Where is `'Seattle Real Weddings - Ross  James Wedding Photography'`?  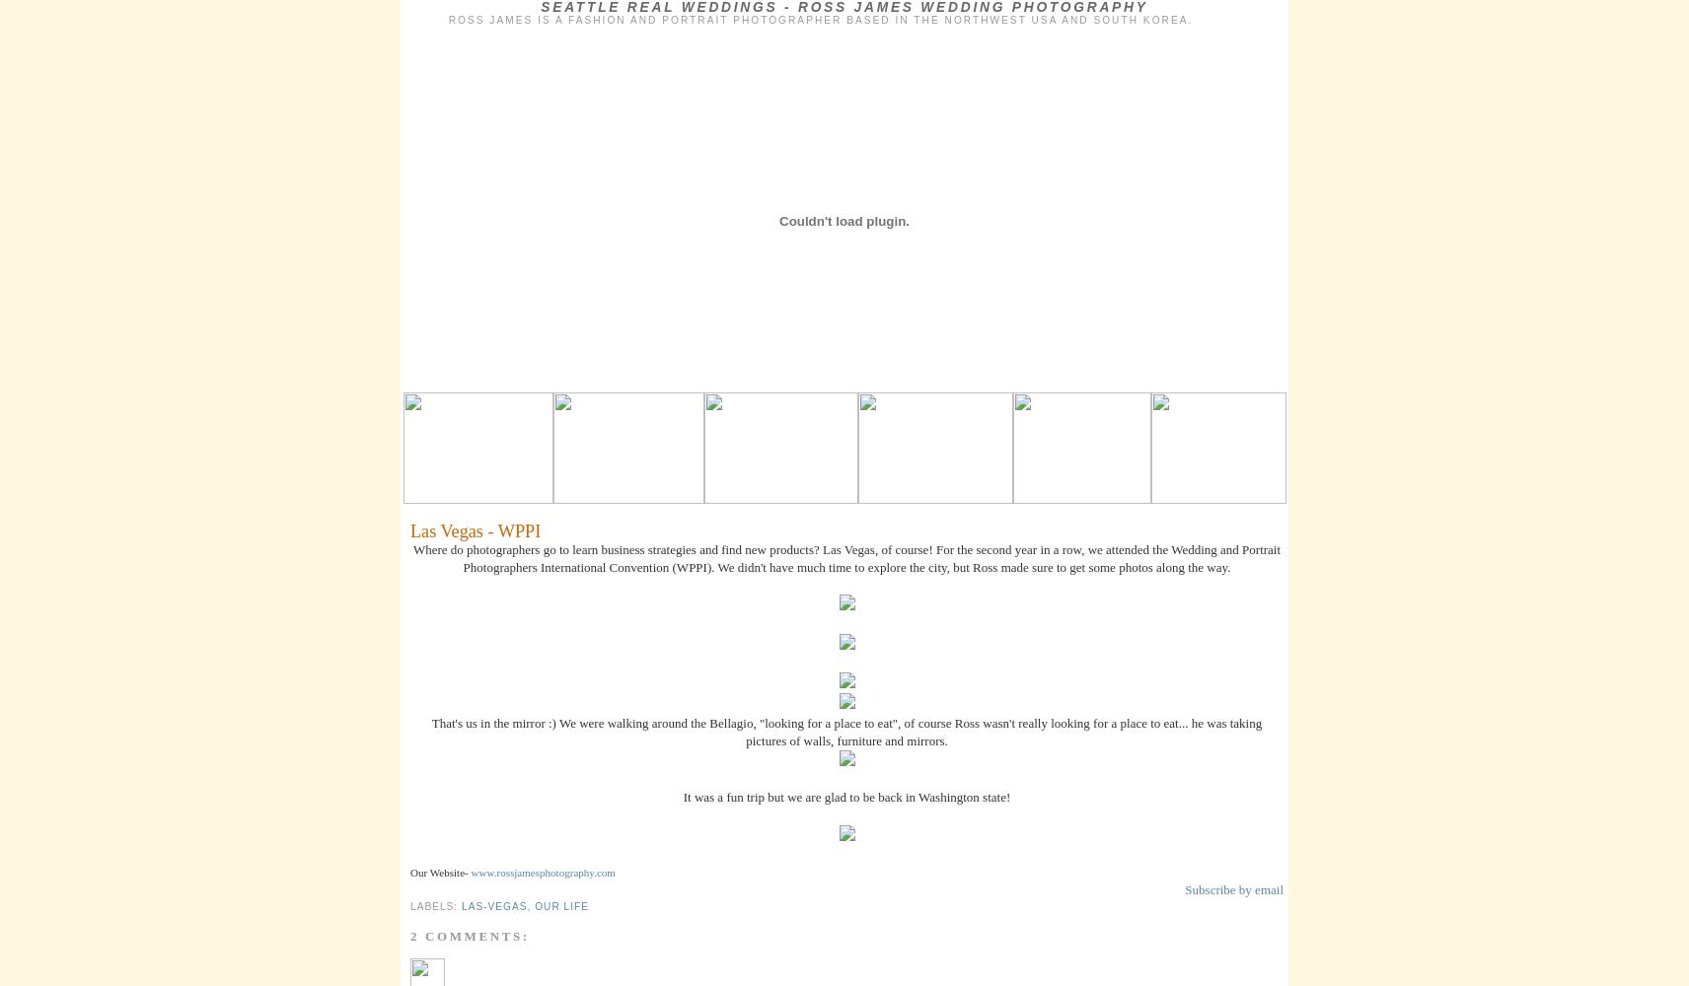 'Seattle Real Weddings - Ross  James Wedding Photography' is located at coordinates (844, 7).